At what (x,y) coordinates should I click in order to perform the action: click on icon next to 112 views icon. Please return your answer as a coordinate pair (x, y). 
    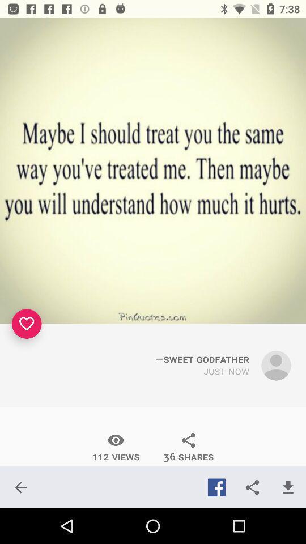
    Looking at the image, I should click on (189, 447).